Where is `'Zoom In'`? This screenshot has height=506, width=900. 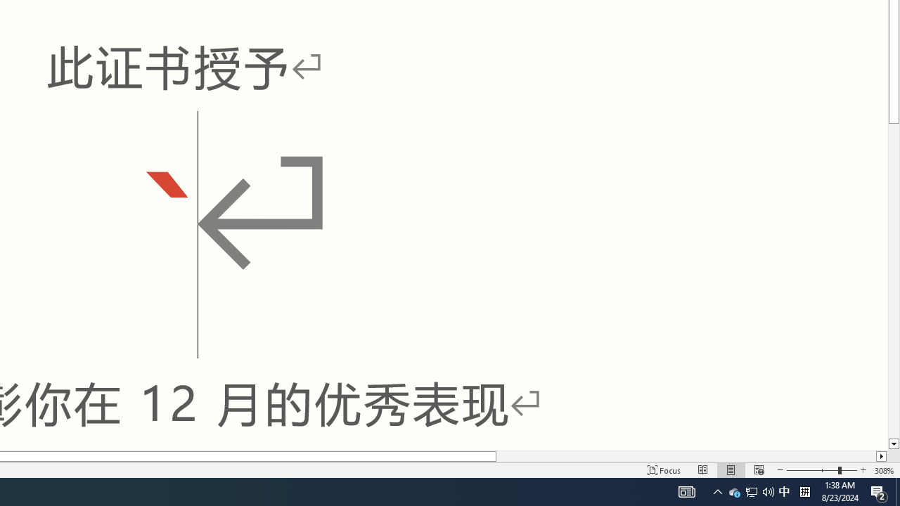 'Zoom In' is located at coordinates (862, 470).